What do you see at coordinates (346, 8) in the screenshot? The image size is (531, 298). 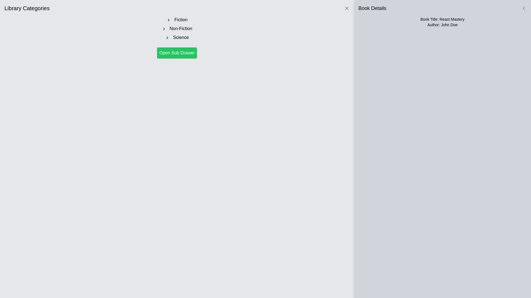 I see `the close button located in the top-right corner of the 'Library Categories' header` at bounding box center [346, 8].